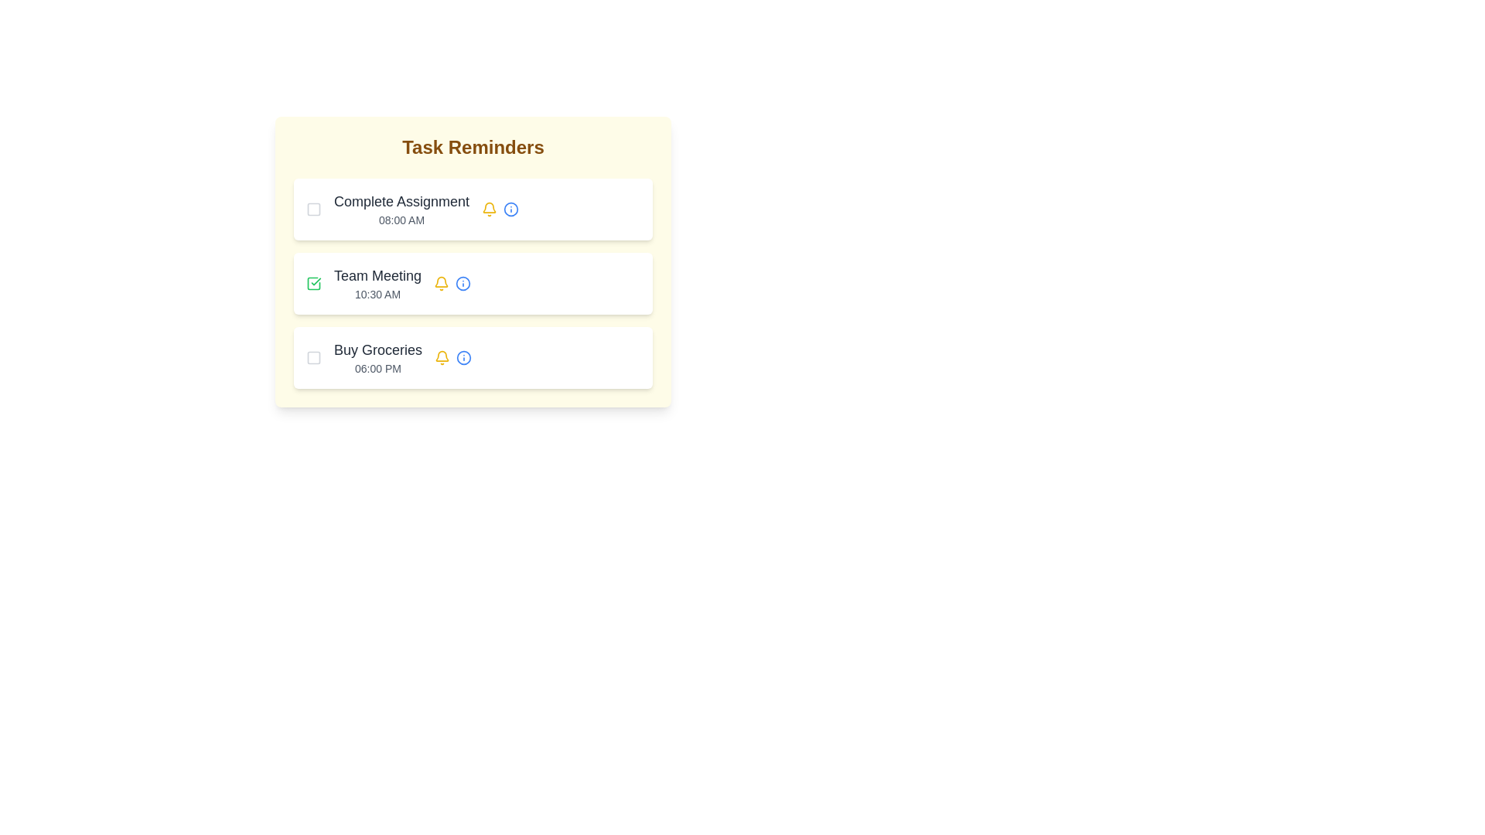 The width and height of the screenshot is (1485, 835). What do you see at coordinates (377, 283) in the screenshot?
I see `the text block displaying the title and time of the task reminder located in the second reminder card of the 'Task Reminders' list, positioned between the 'Complete Assignment' card and the 'Buy Groceries' card` at bounding box center [377, 283].